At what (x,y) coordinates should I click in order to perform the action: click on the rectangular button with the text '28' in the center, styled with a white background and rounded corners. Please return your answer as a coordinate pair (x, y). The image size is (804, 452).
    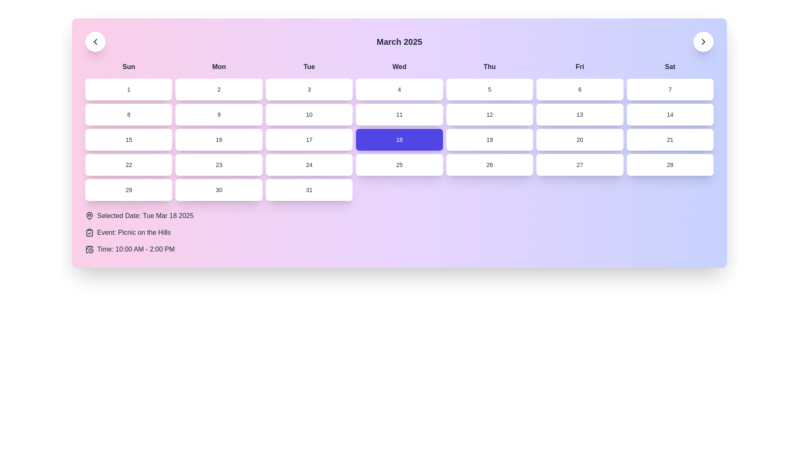
    Looking at the image, I should click on (669, 164).